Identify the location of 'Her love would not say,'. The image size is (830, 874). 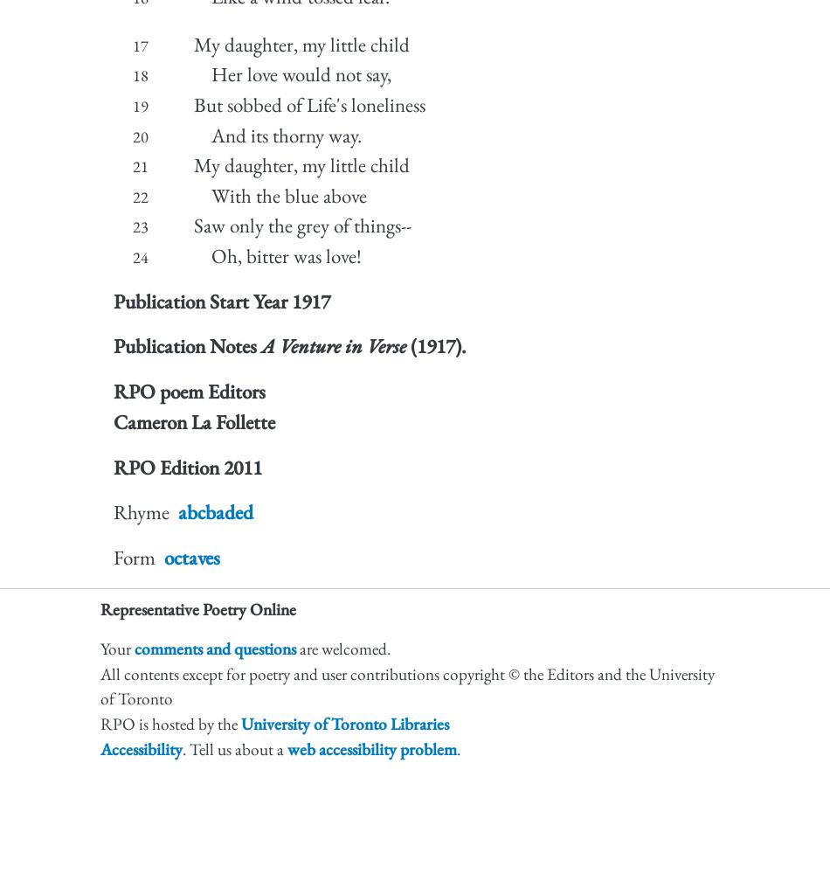
(291, 73).